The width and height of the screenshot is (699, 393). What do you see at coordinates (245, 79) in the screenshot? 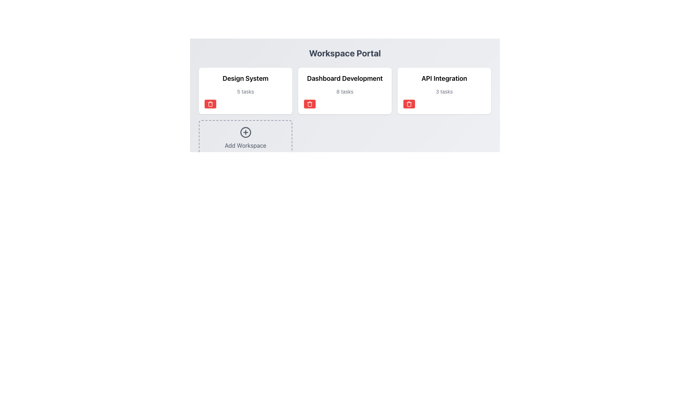
I see `text label displaying 'Design System', which is a medium-sized bold text located at the top of the first card in a row of similar cards` at bounding box center [245, 79].